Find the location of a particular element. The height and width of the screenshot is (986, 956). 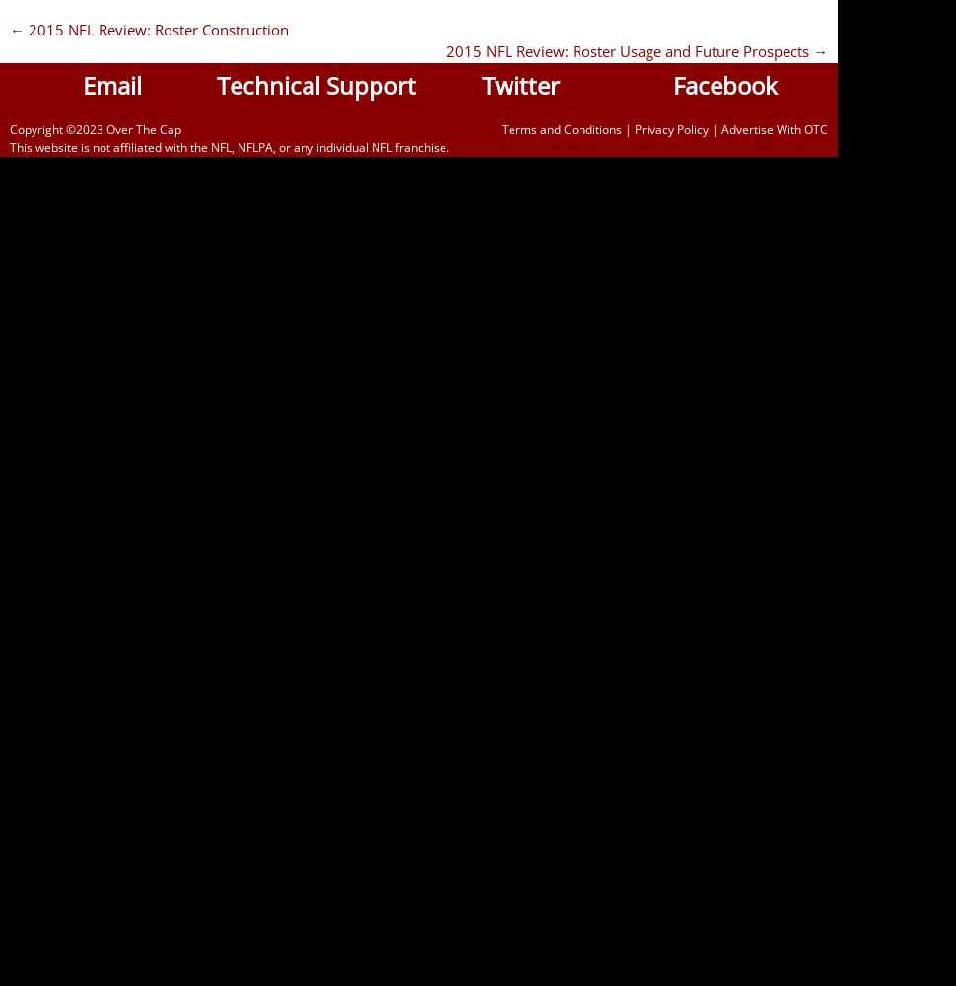

'Email' is located at coordinates (111, 83).